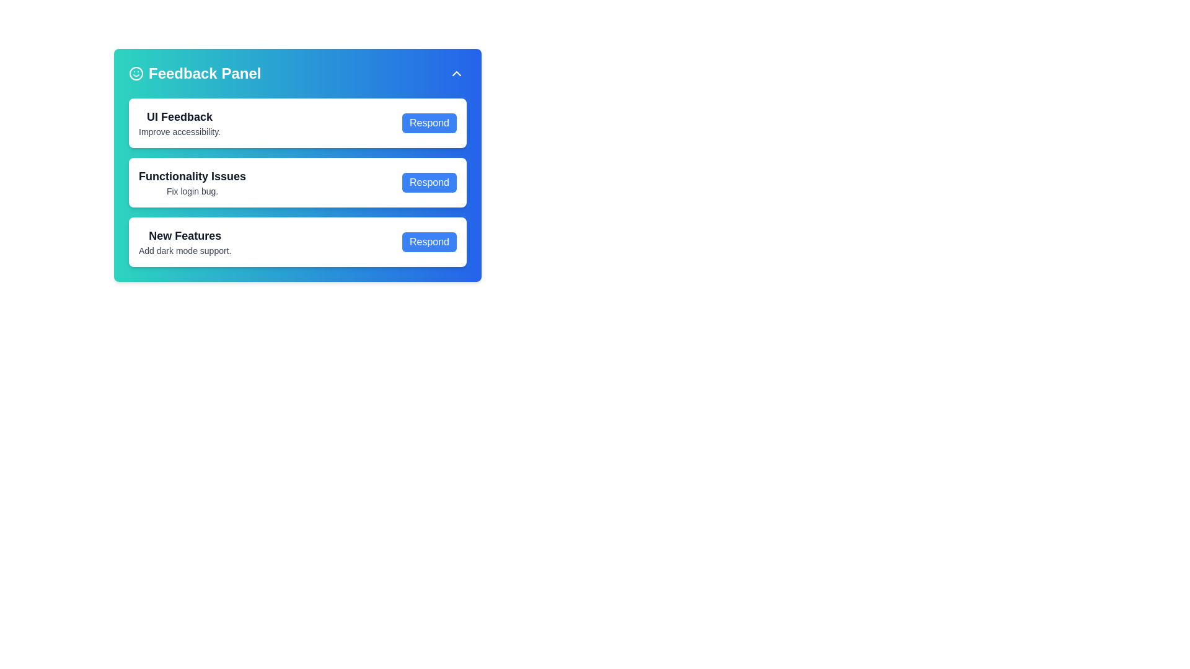  What do you see at coordinates (136, 74) in the screenshot?
I see `the SVG Circle element that is part of the smiley face design in the 'Feedback Panel' interface, located at the top left corner of the panel` at bounding box center [136, 74].